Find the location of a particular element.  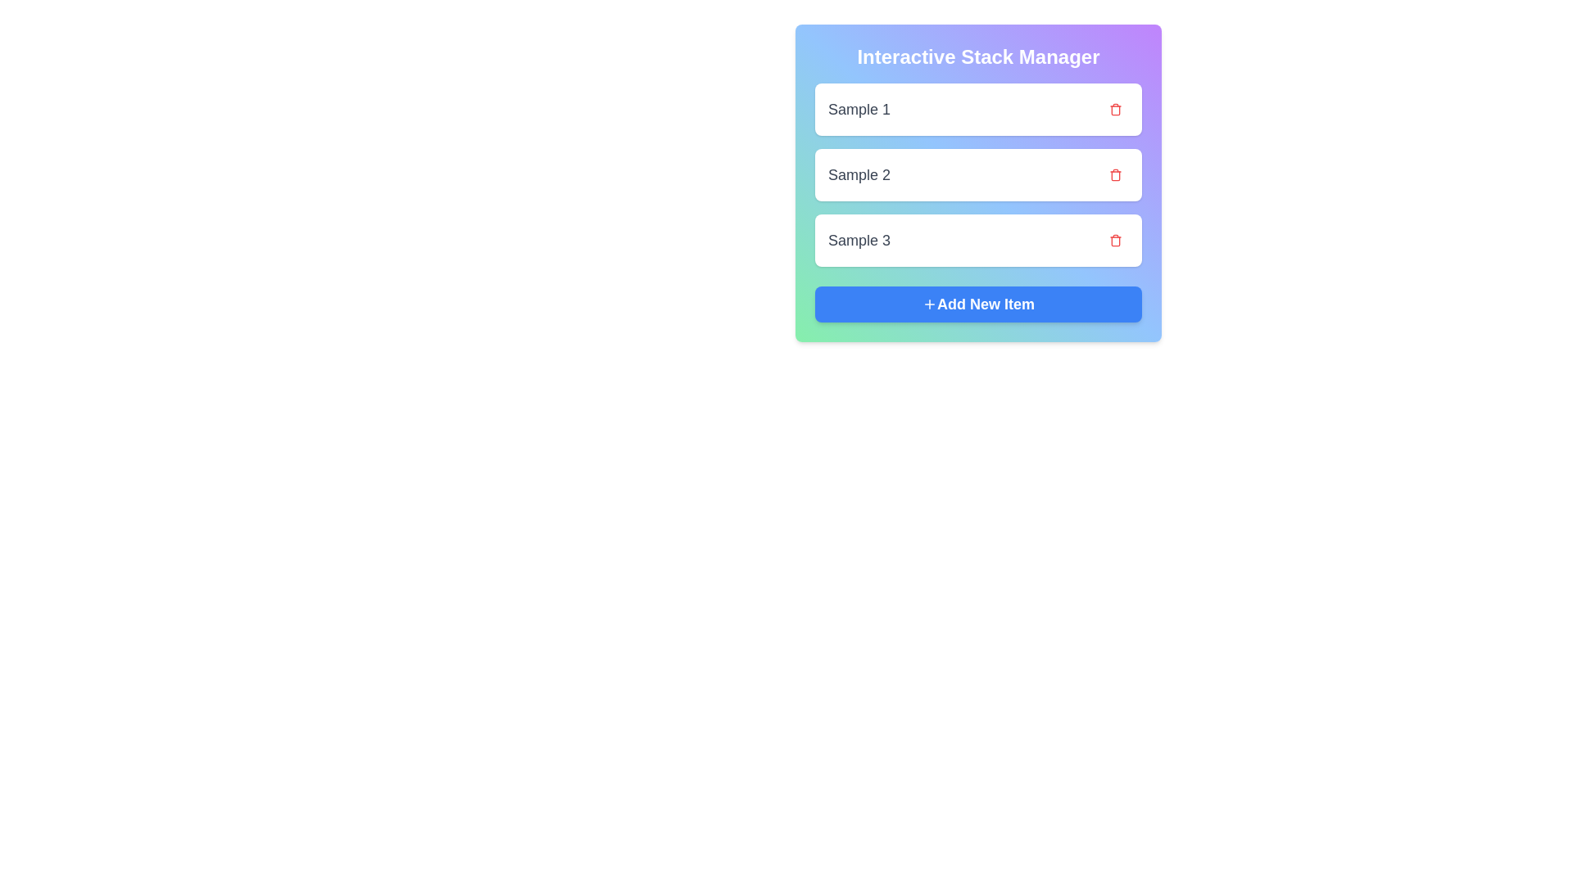

the rectangular button with a blue background and white text that reads '+ Add New Item' is located at coordinates (978, 304).